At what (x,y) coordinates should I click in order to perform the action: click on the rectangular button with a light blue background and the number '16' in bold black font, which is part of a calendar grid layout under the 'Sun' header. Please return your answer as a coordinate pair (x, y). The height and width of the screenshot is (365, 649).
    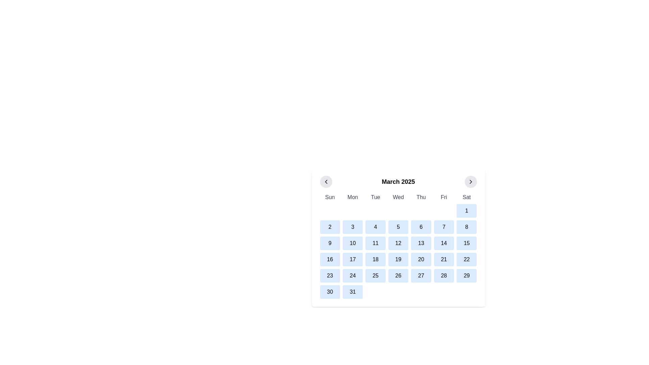
    Looking at the image, I should click on (330, 259).